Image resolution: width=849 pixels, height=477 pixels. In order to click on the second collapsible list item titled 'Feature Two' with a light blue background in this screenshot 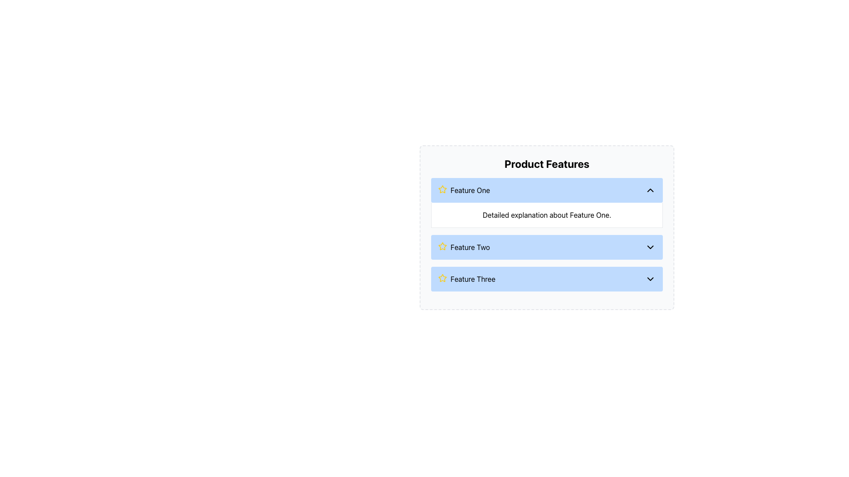, I will do `click(547, 247)`.